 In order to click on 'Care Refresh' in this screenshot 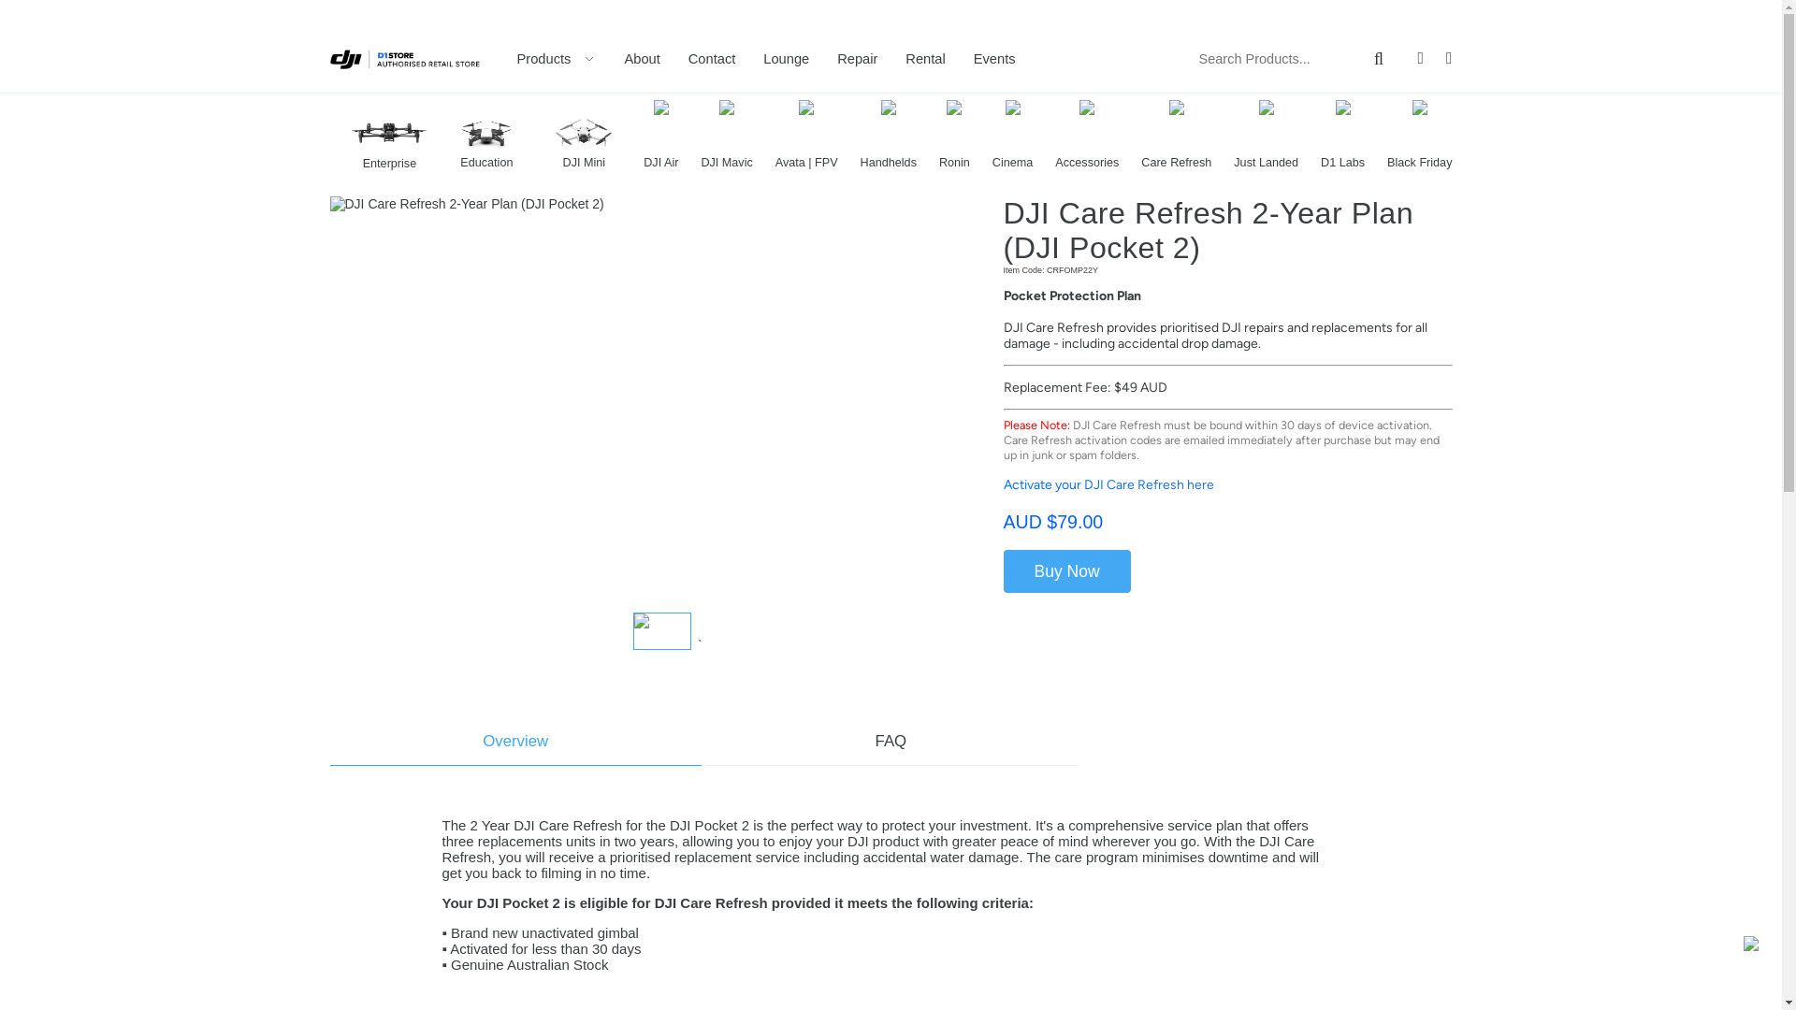, I will do `click(1175, 134)`.